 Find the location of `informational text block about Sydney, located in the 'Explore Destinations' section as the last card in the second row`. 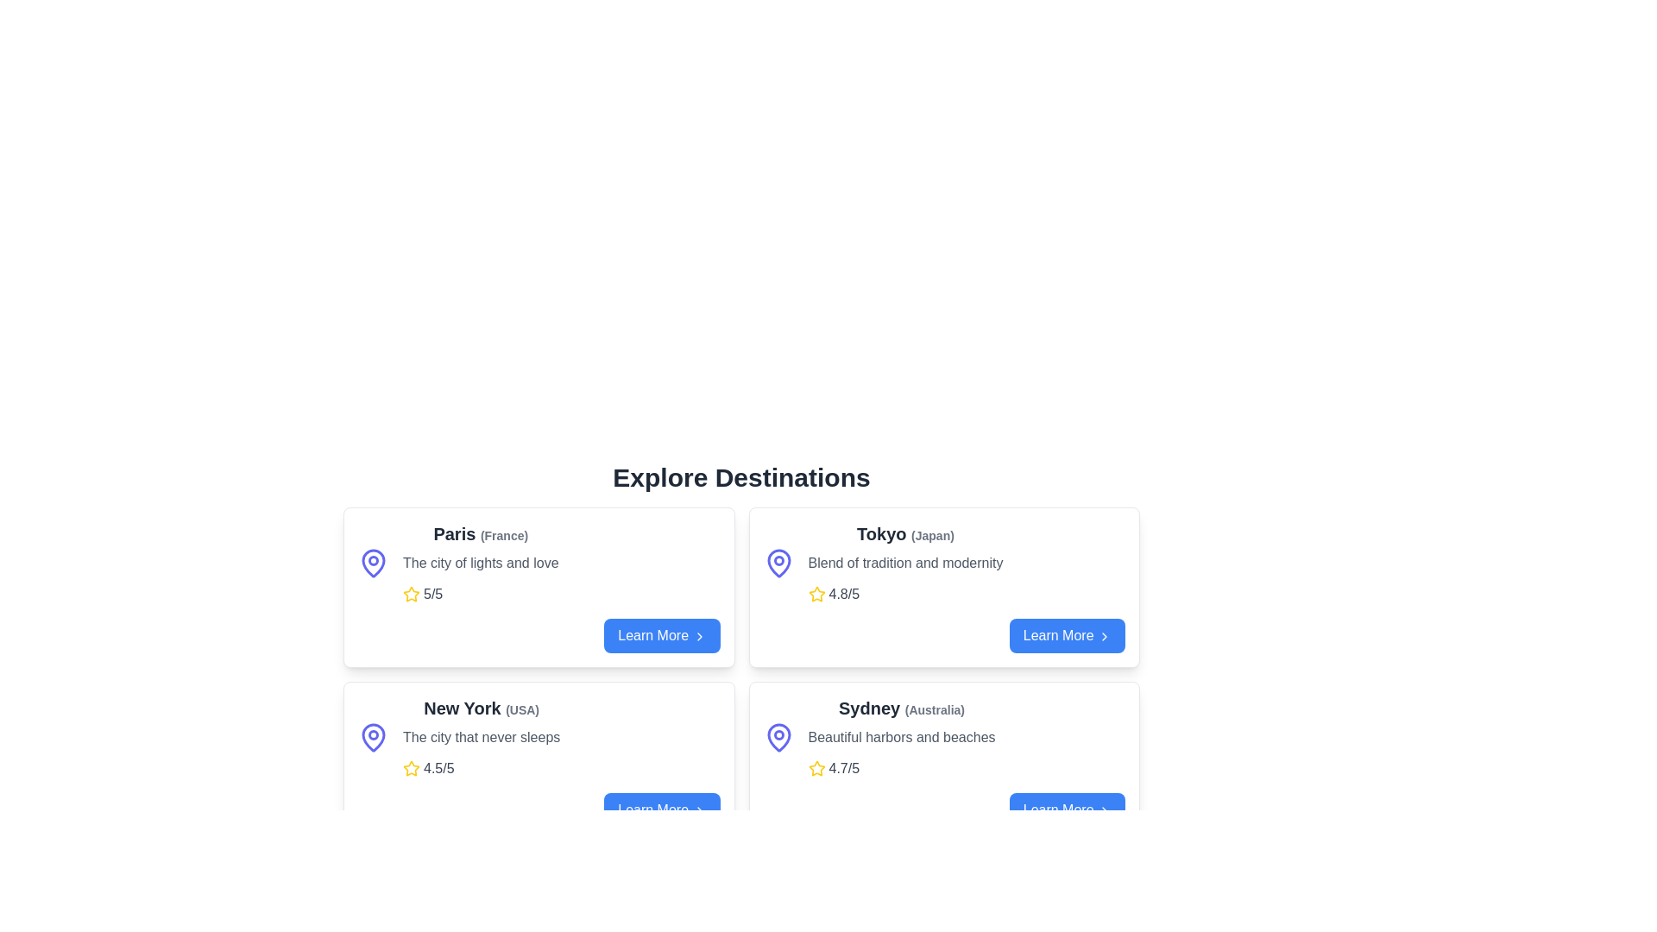

informational text block about Sydney, located in the 'Explore Destinations' section as the last card in the second row is located at coordinates (943, 738).